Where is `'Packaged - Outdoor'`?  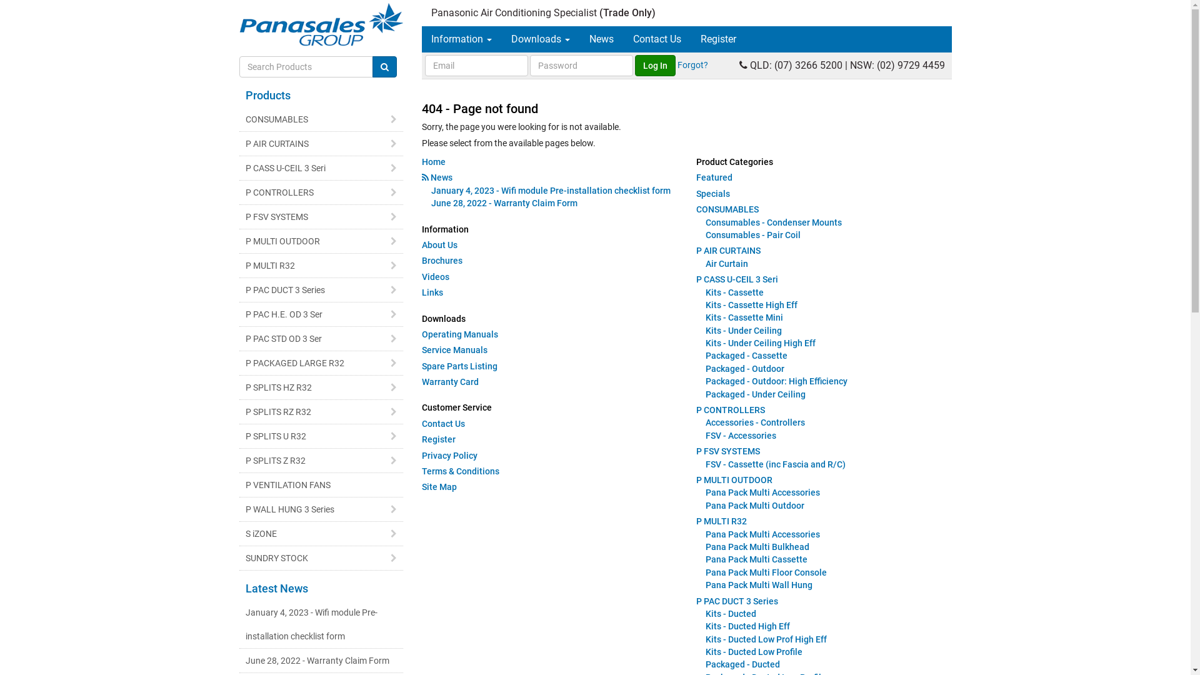
'Packaged - Outdoor' is located at coordinates (744, 368).